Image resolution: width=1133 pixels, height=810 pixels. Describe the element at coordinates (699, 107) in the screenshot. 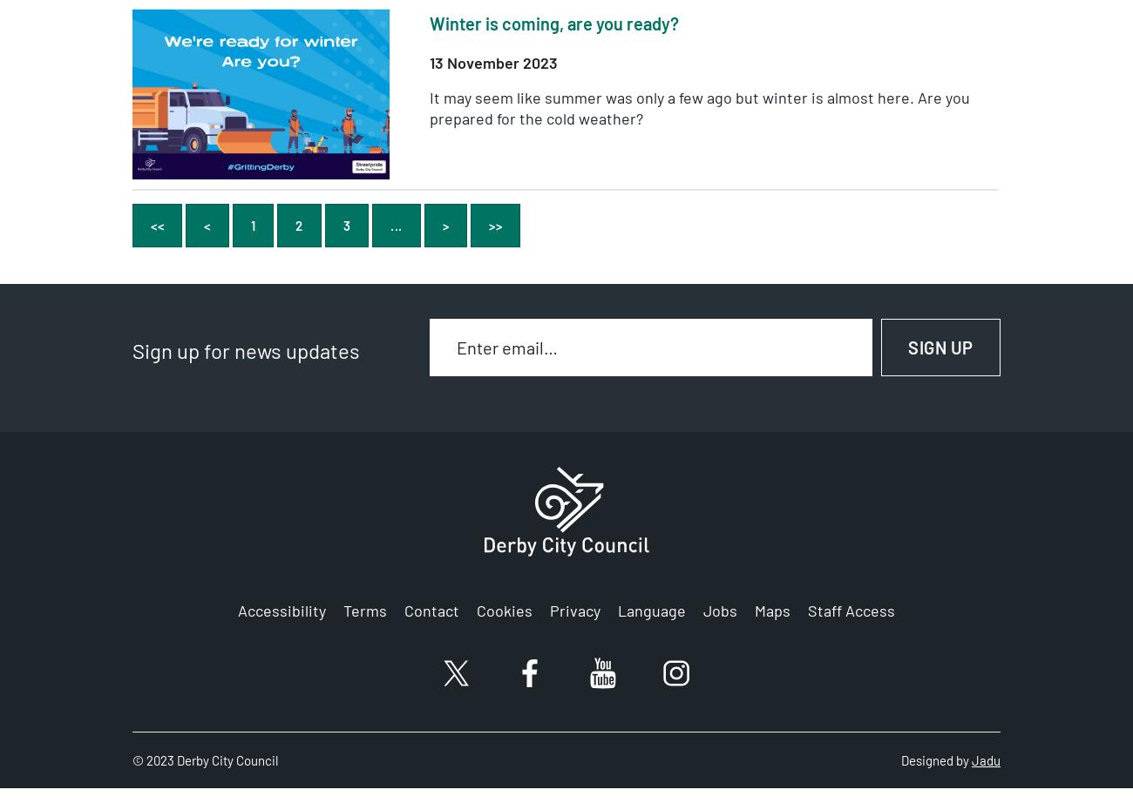

I see `'It may seem like summer was only a few ago but winter is almost here. Are you prepared for the cold weather?'` at that location.